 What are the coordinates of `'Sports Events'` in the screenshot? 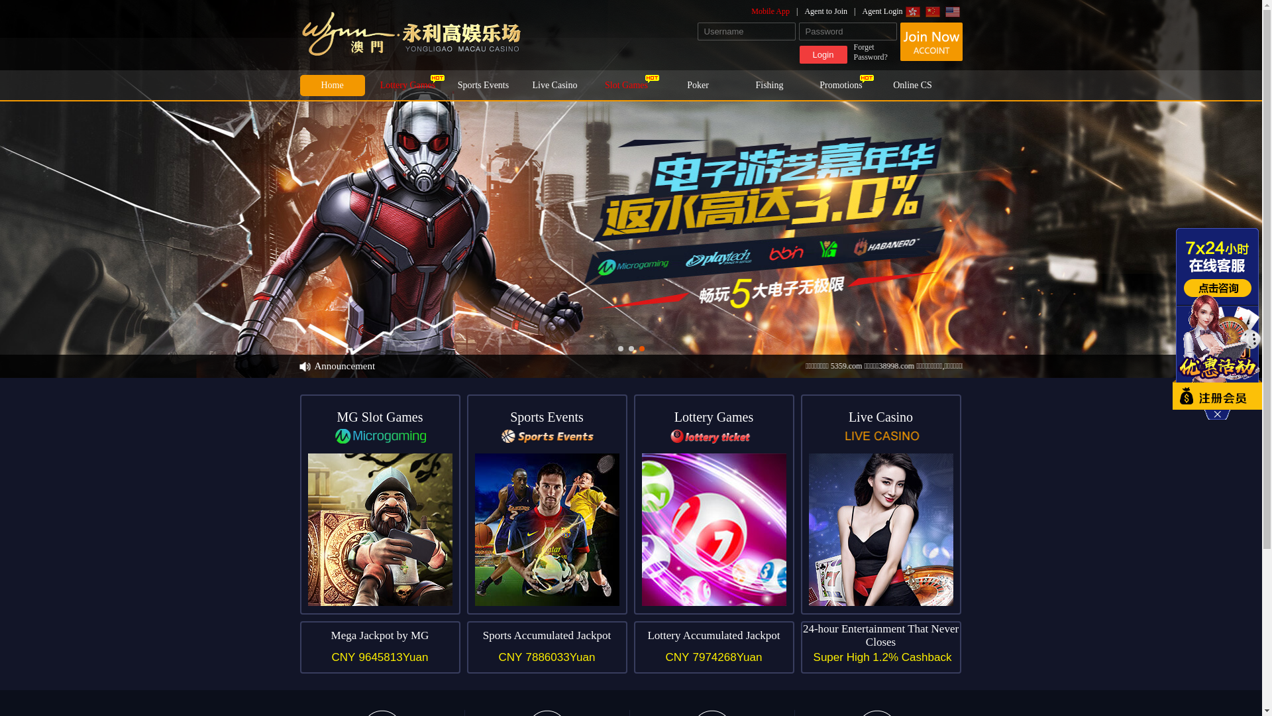 It's located at (482, 85).